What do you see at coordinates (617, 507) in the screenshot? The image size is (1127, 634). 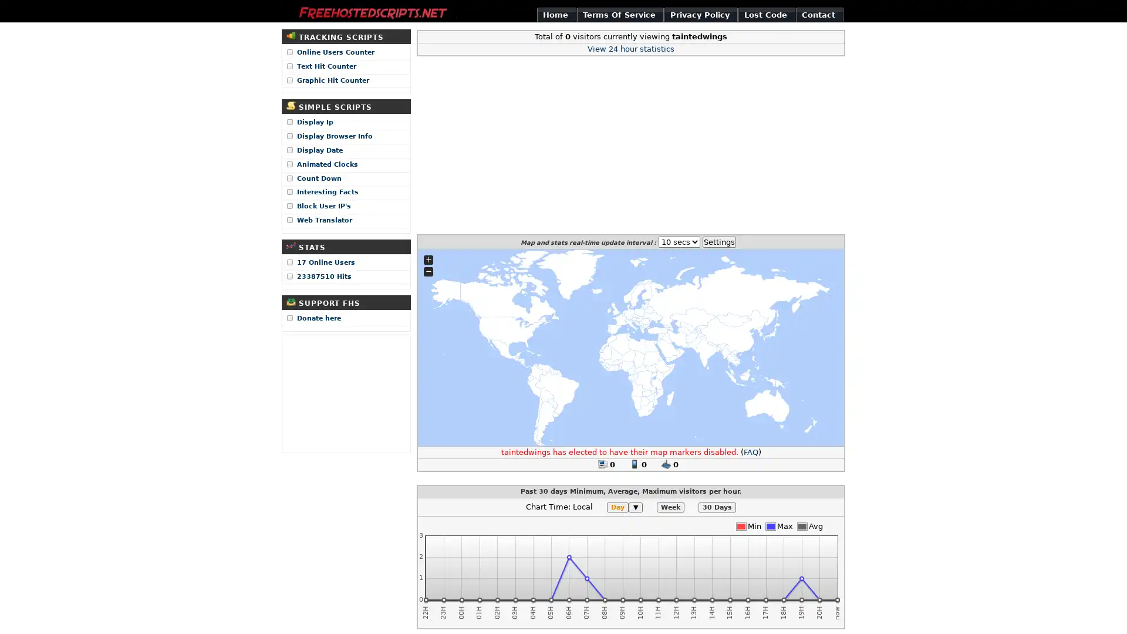 I see `Day` at bounding box center [617, 507].